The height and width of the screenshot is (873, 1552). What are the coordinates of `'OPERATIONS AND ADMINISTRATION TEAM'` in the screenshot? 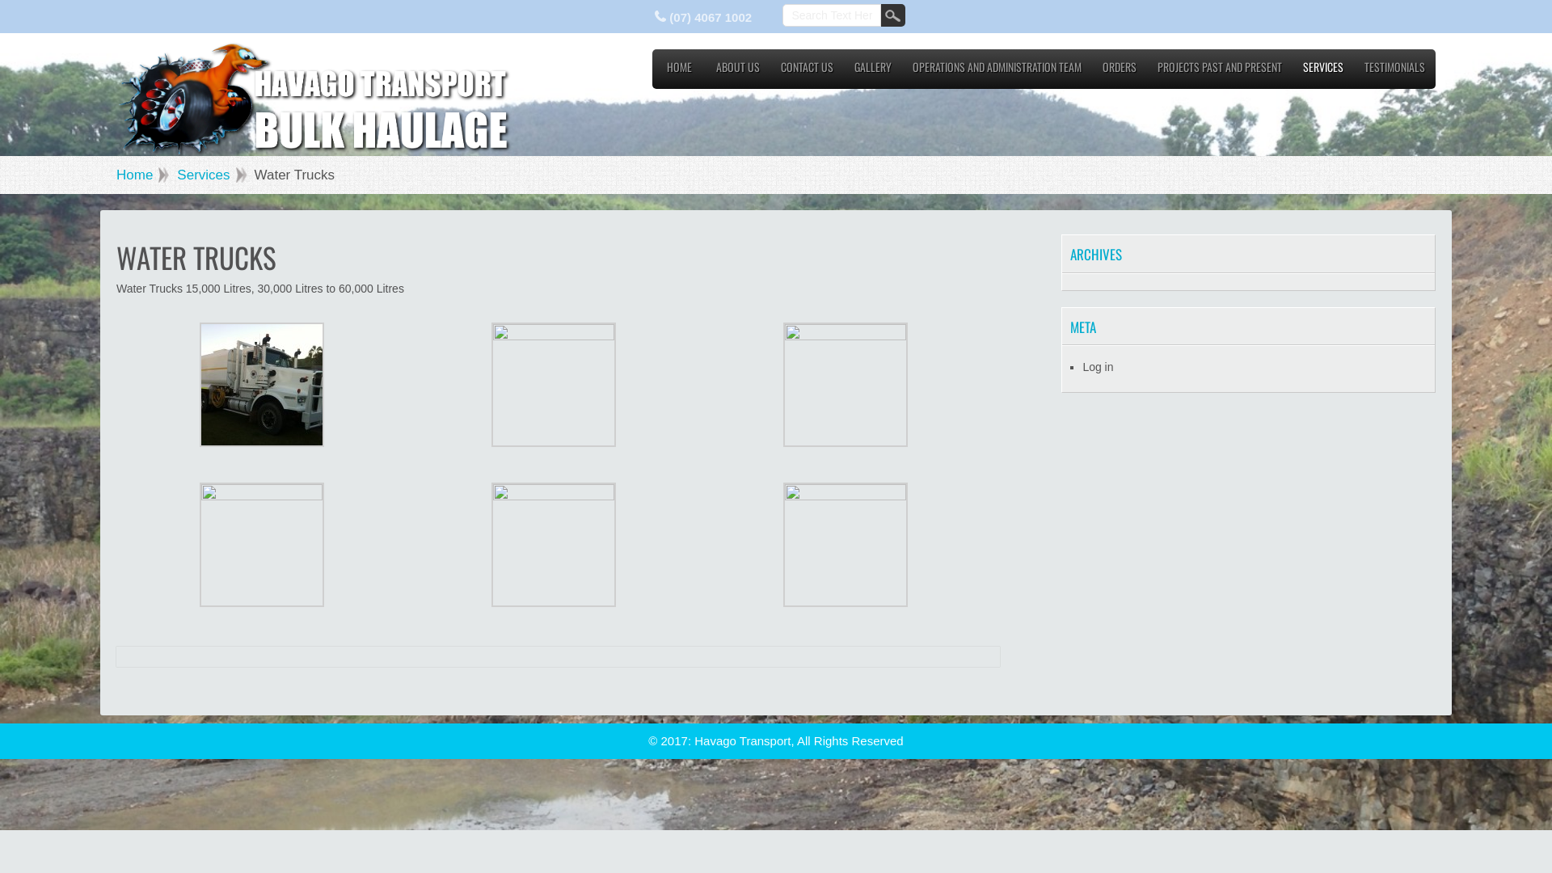 It's located at (903, 70).